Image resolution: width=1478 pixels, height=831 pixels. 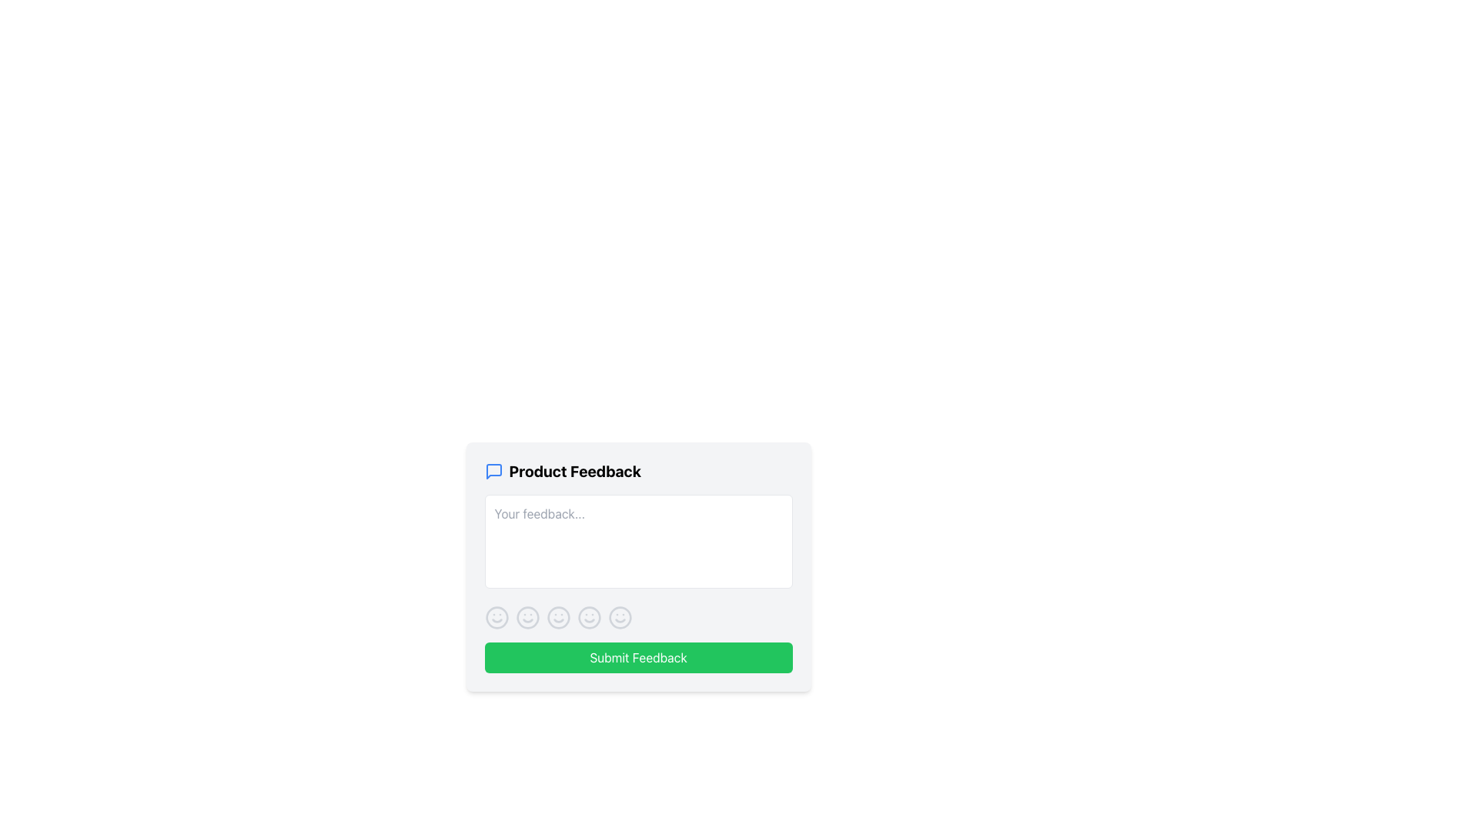 I want to click on on the rightmost circular smiley face icon in the feedback rating row, which is located above the 'Submit Feedback' button, so click(x=620, y=616).